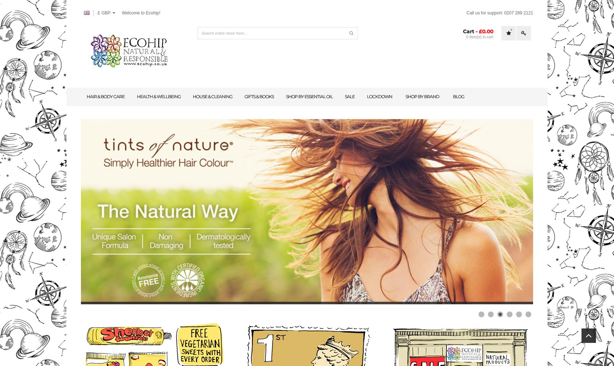 This screenshot has width=614, height=366. I want to click on 'Hair & Body care', so click(105, 96).